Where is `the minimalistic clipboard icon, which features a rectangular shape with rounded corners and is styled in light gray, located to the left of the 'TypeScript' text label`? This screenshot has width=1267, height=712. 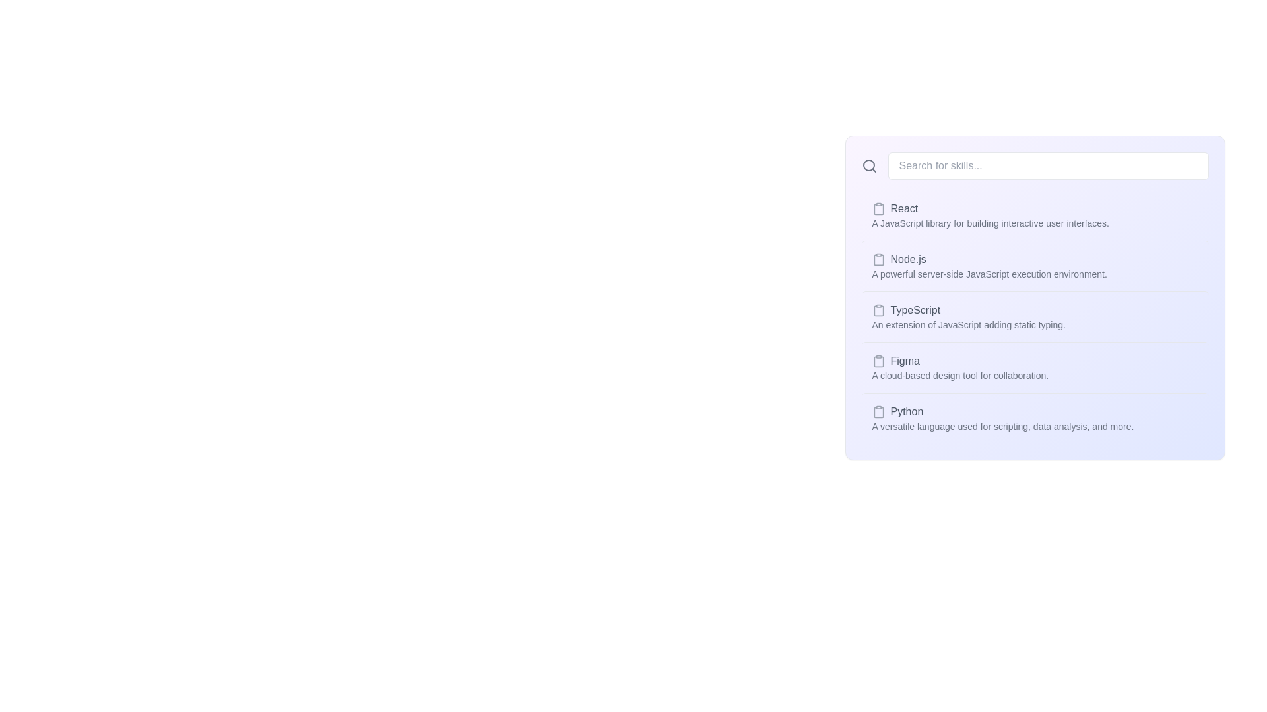
the minimalistic clipboard icon, which features a rectangular shape with rounded corners and is styled in light gray, located to the left of the 'TypeScript' text label is located at coordinates (878, 310).